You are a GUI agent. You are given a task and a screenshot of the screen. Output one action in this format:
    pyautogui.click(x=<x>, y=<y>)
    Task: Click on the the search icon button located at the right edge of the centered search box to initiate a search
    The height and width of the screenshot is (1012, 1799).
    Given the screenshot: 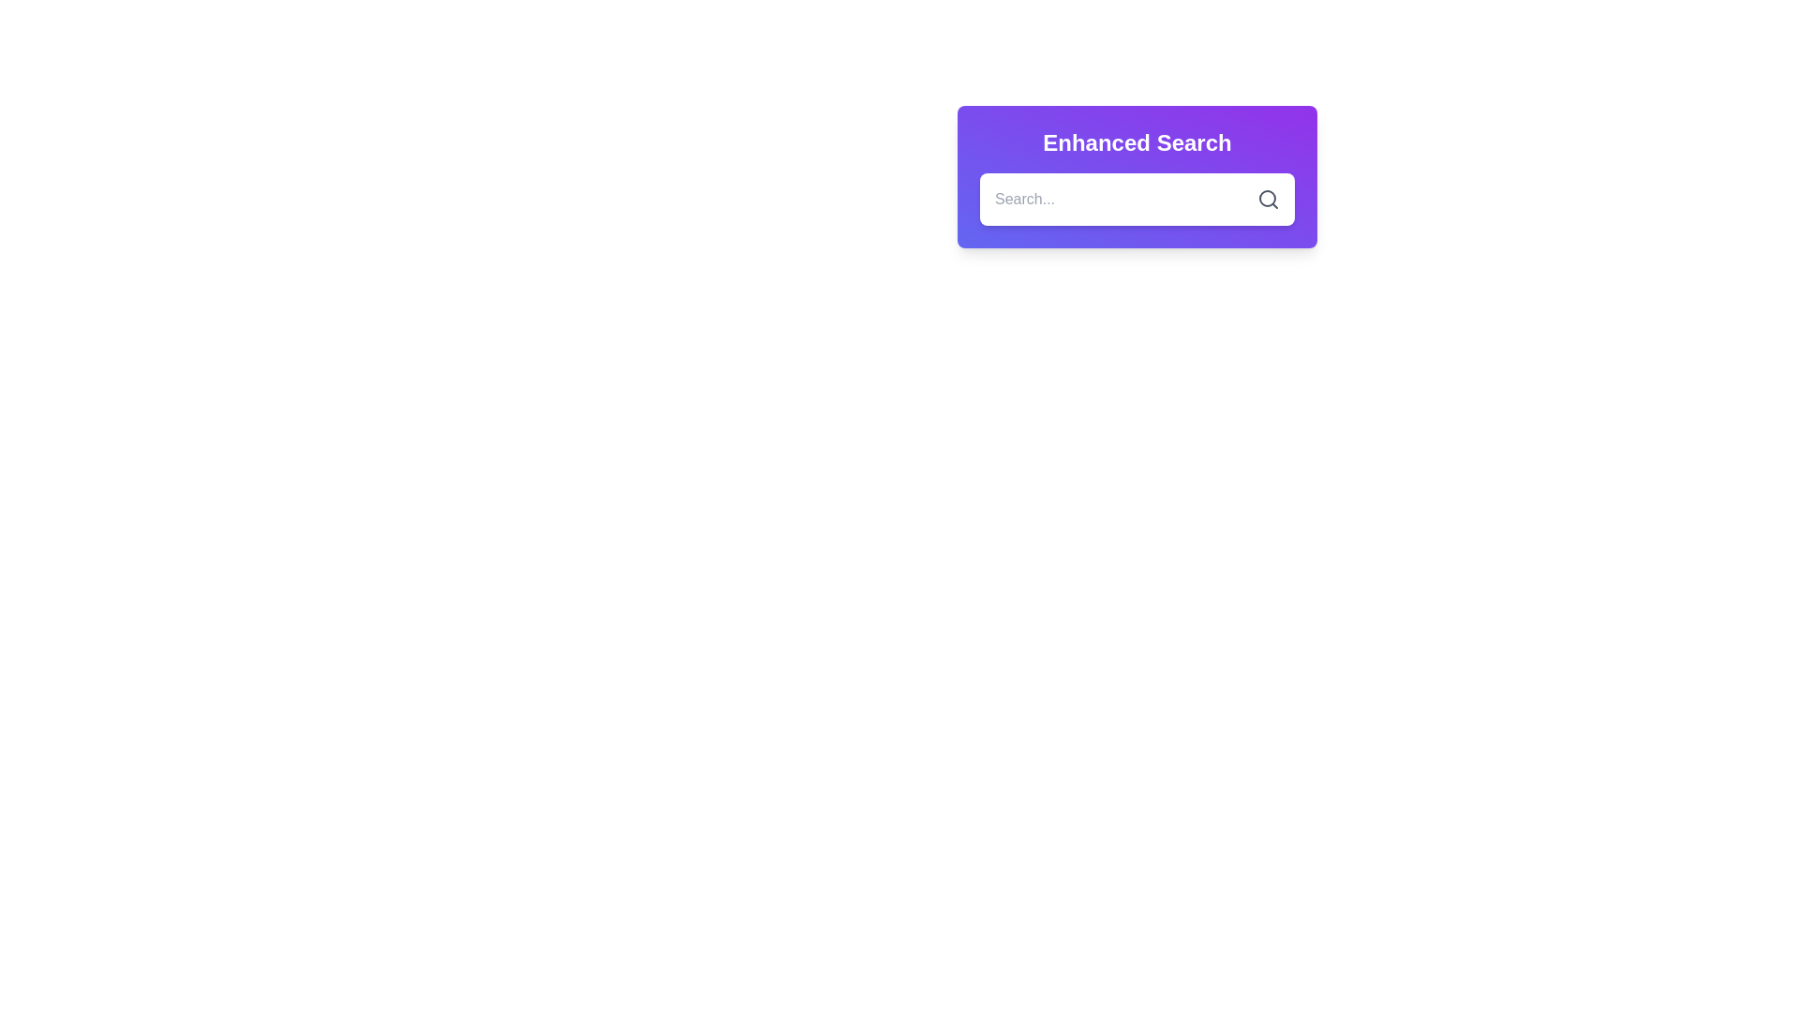 What is the action you would take?
    pyautogui.click(x=1268, y=199)
    